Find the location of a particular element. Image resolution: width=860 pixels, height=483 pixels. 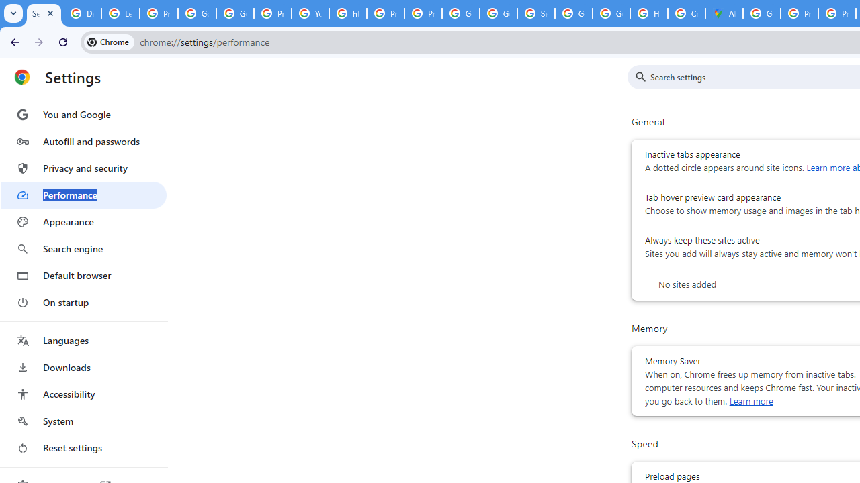

'Accessibility' is located at coordinates (83, 393).